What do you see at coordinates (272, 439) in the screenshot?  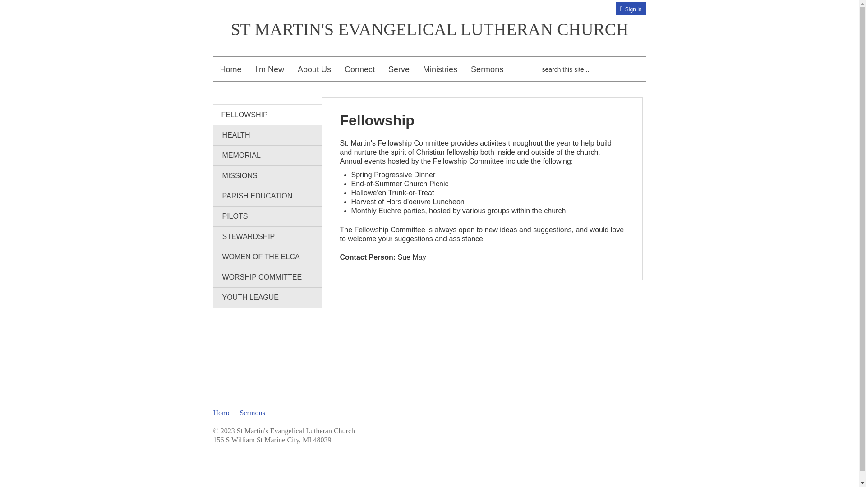 I see `'156 S William St Marine City, MI 48039'` at bounding box center [272, 439].